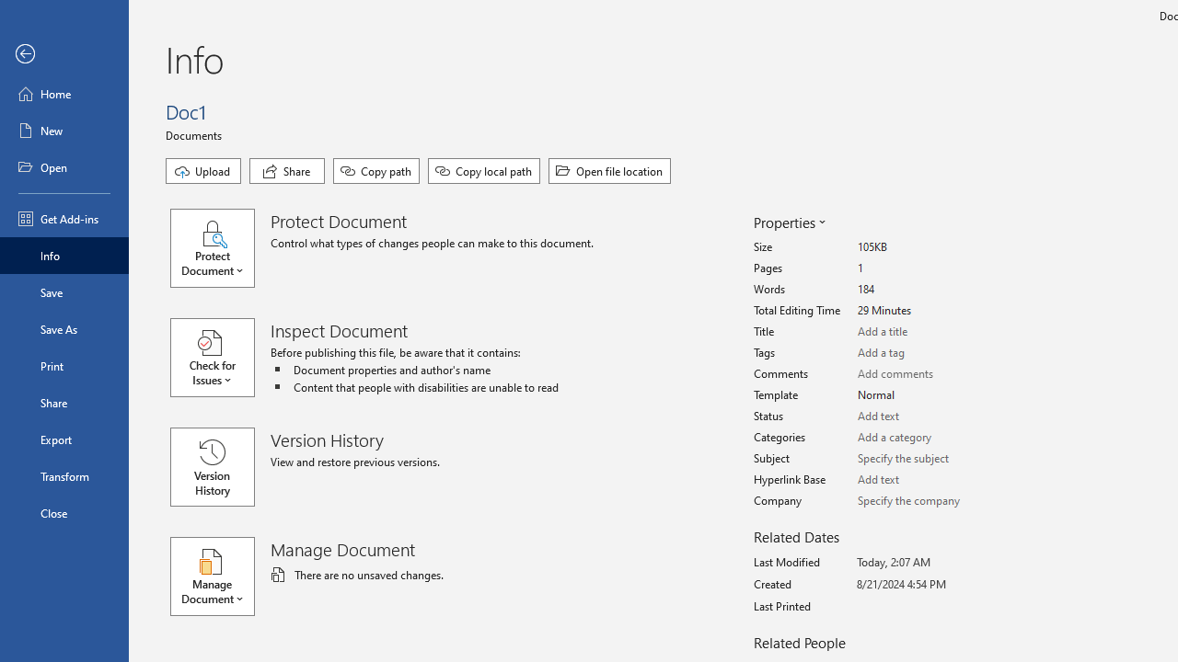  Describe the element at coordinates (64, 439) in the screenshot. I see `'Export'` at that location.